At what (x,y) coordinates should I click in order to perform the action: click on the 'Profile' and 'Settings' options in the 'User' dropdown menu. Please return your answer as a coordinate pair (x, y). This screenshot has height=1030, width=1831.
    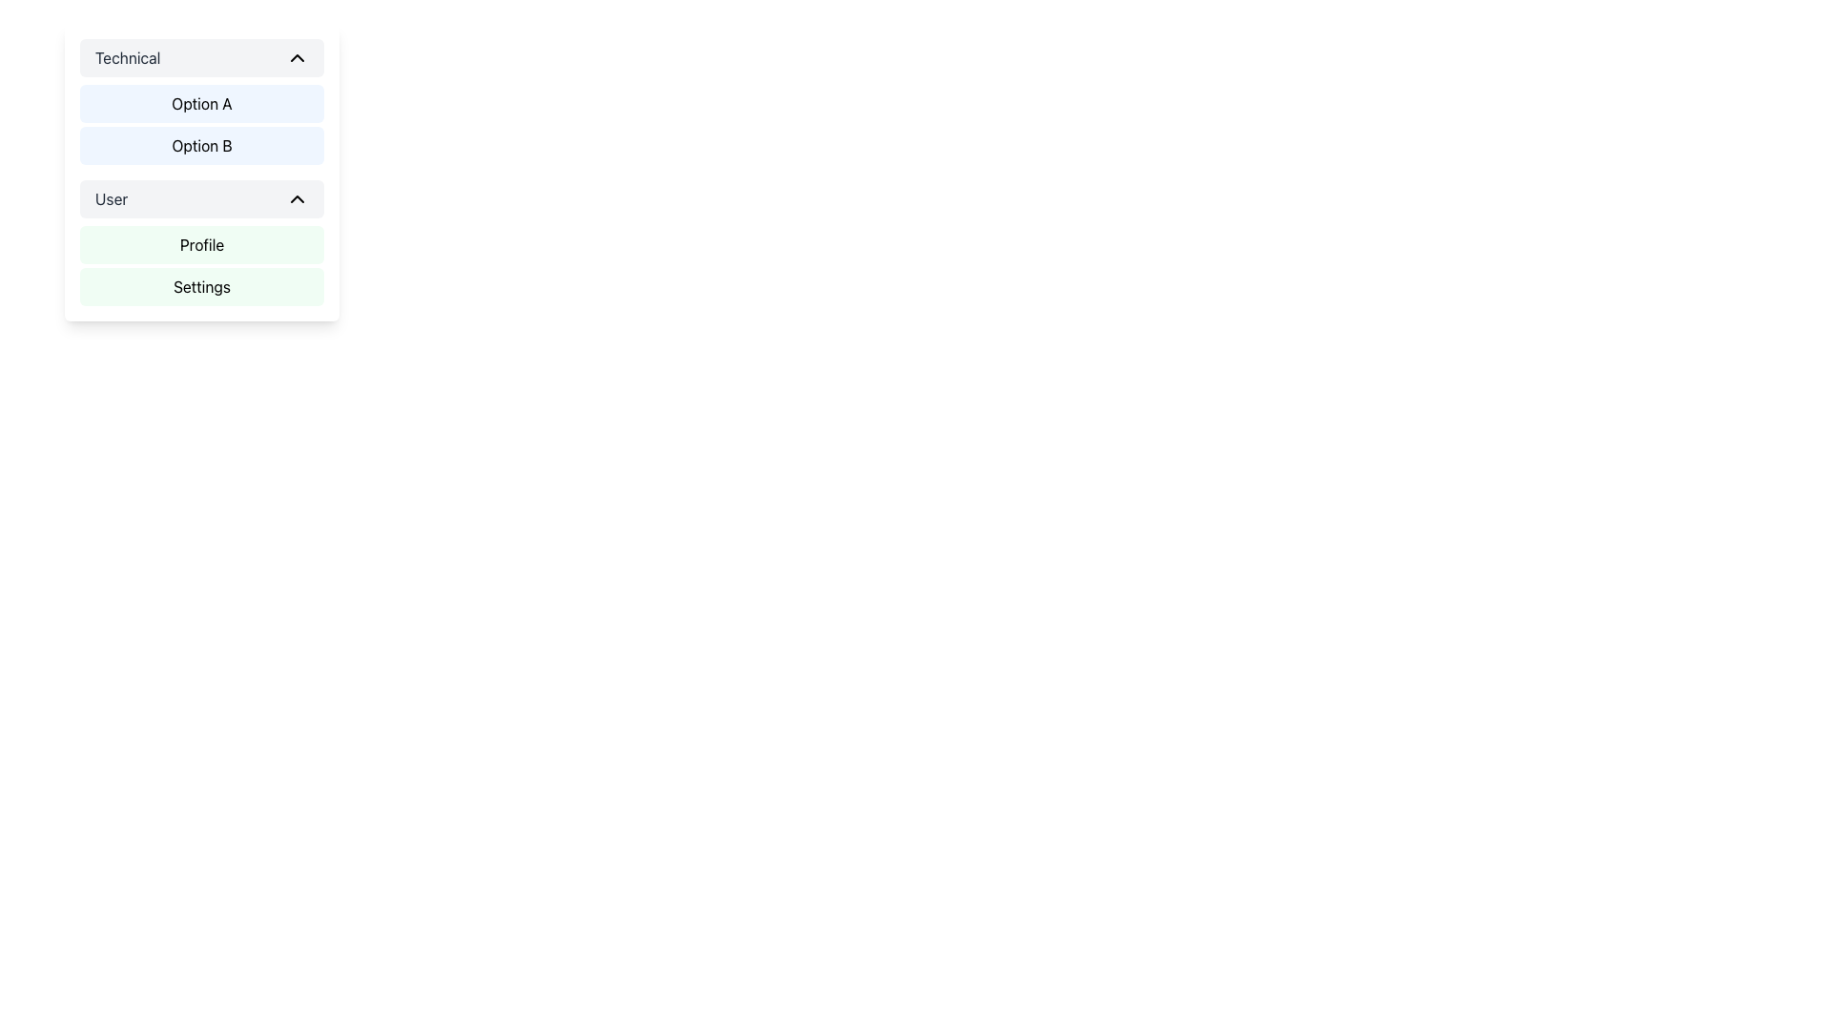
    Looking at the image, I should click on (201, 241).